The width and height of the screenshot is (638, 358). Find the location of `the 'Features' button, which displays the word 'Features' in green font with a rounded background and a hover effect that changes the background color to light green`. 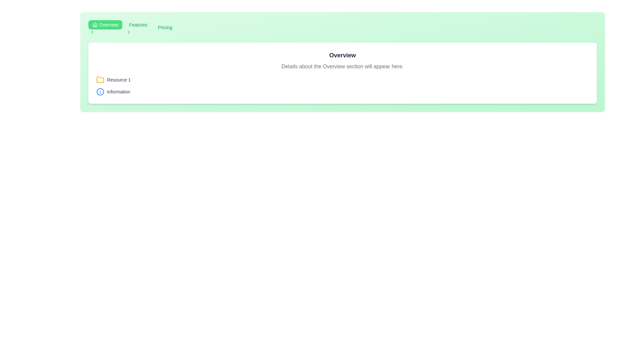

the 'Features' button, which displays the word 'Features' in green font with a rounded background and a hover effect that changes the background color to light green is located at coordinates (138, 27).